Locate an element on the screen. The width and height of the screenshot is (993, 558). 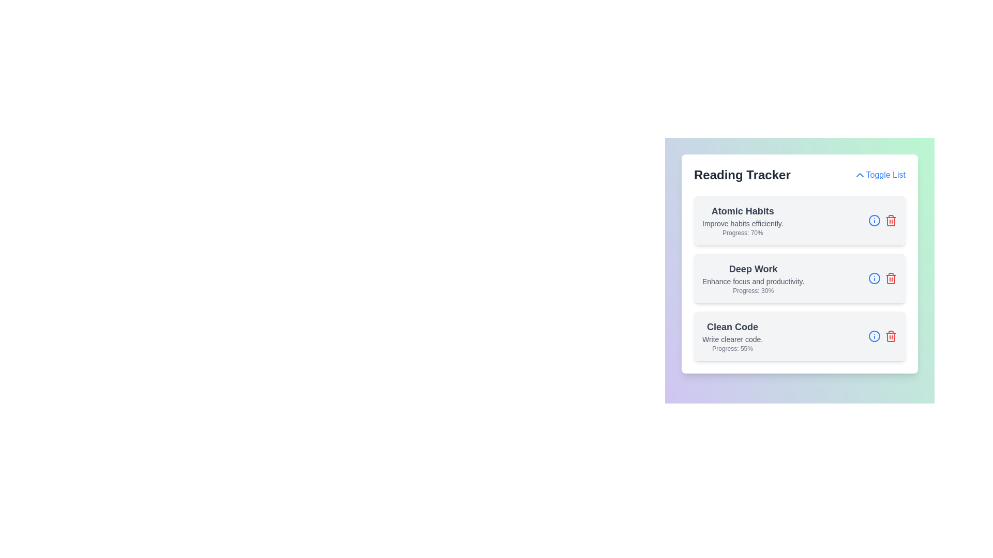
the text label displaying 'Progress: 30%' within the card for 'Deep Work', which is located below the descriptive line 'Enhance focus and productivity.' is located at coordinates (753, 291).